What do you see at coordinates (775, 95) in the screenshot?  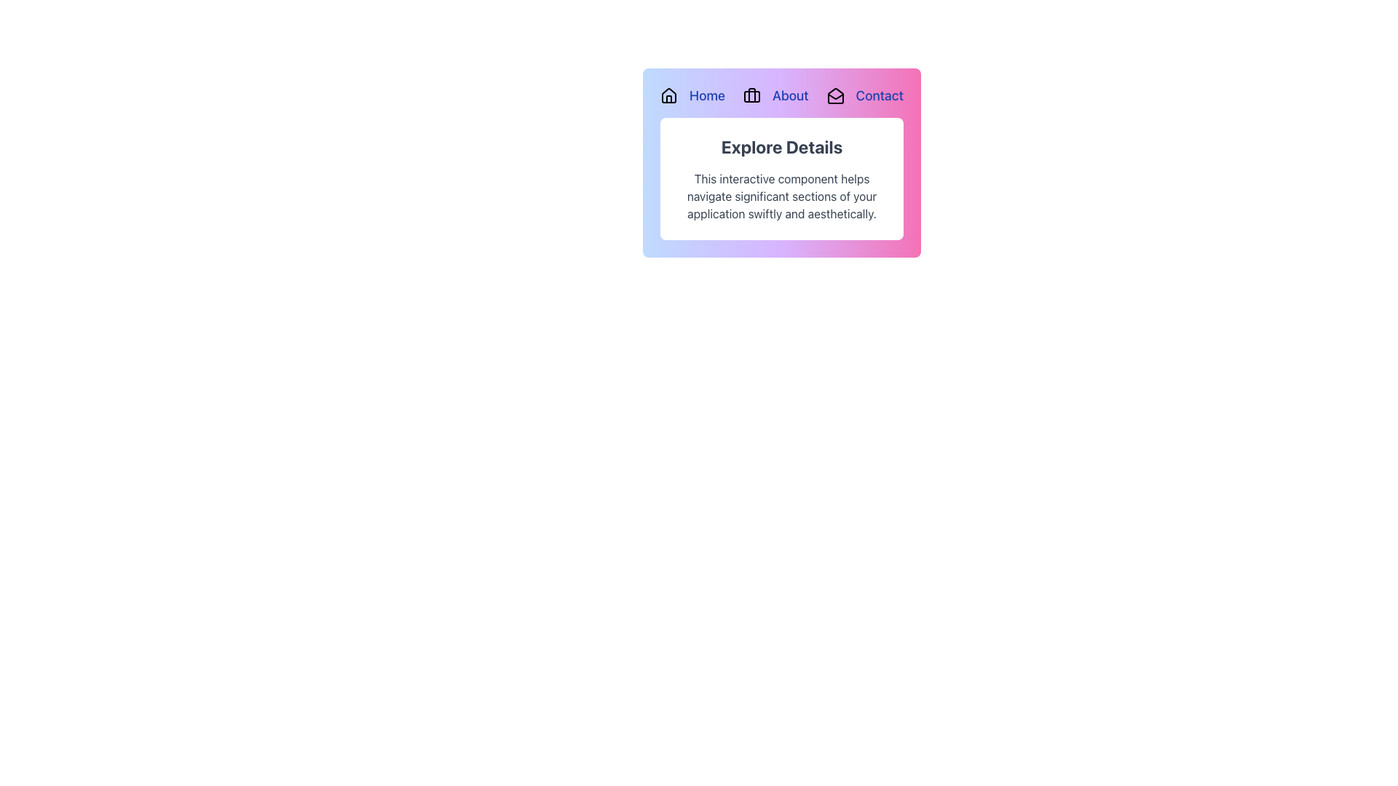 I see `the 'About' hyperlink with the briefcase icon in the horizontal navigation menu` at bounding box center [775, 95].